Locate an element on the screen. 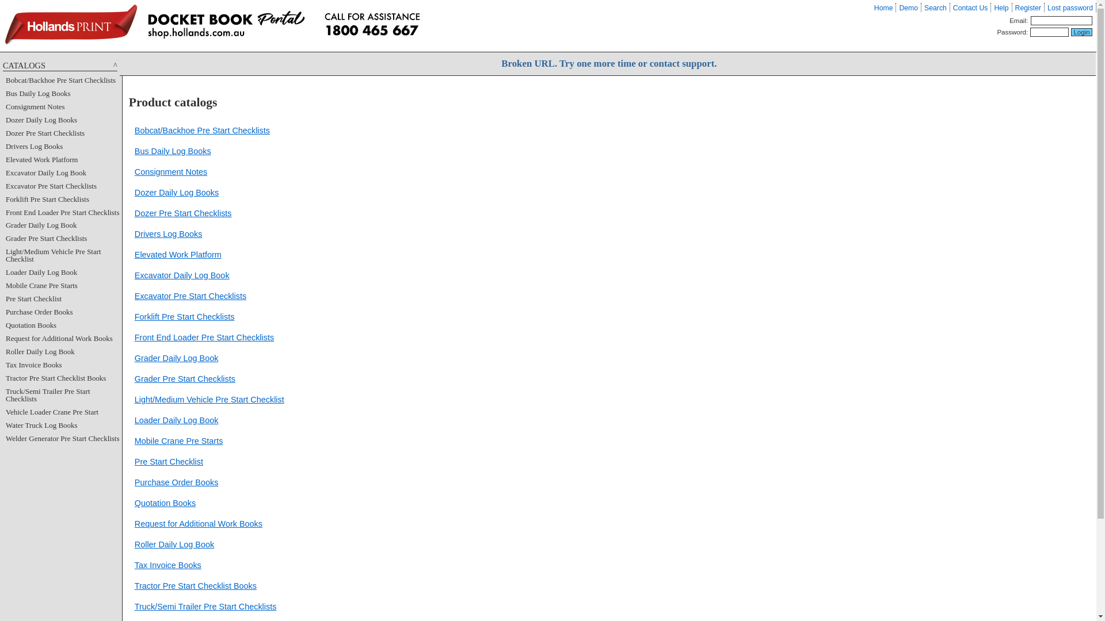 The height and width of the screenshot is (621, 1105). 'Lost password' is located at coordinates (1047, 8).